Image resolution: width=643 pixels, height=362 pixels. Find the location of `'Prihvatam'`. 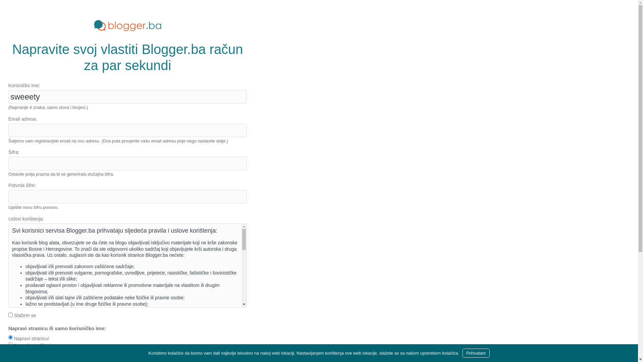

'Prihvatam' is located at coordinates (476, 353).